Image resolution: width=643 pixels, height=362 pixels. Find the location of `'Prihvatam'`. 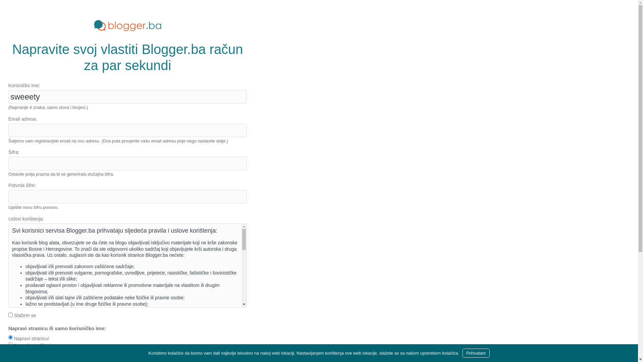

'Prihvatam' is located at coordinates (476, 353).